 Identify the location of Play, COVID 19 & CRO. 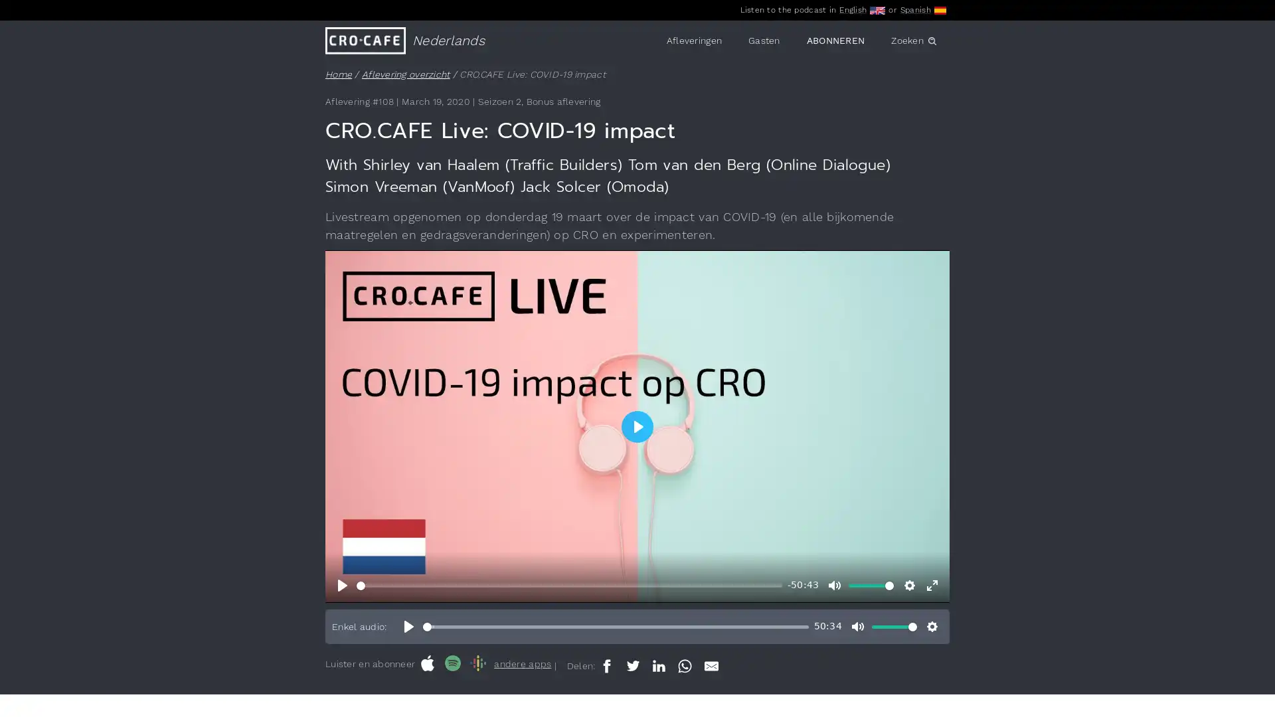
(343, 585).